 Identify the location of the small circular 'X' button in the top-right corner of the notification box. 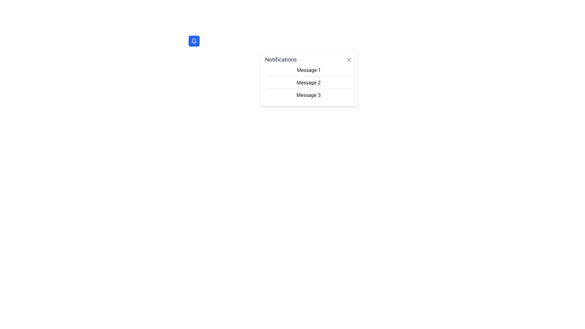
(349, 60).